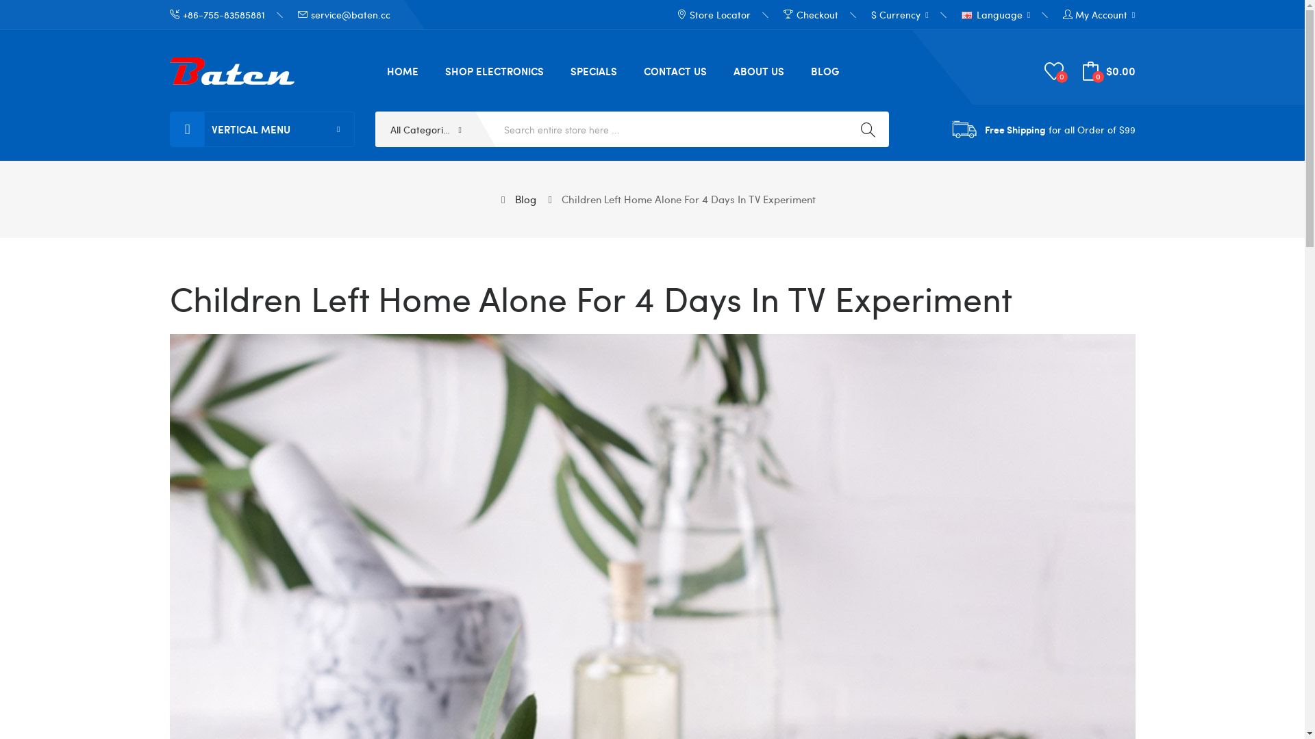  What do you see at coordinates (1052, 71) in the screenshot?
I see `'0'` at bounding box center [1052, 71].